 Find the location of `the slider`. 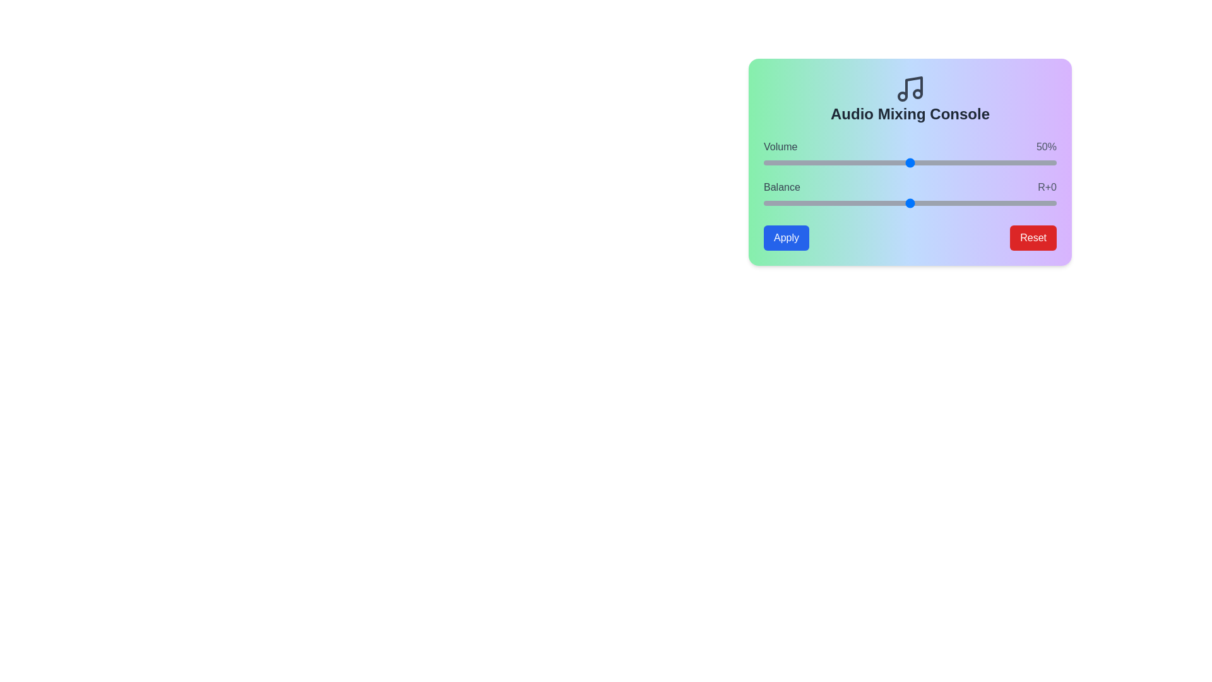

the slider is located at coordinates (780, 162).